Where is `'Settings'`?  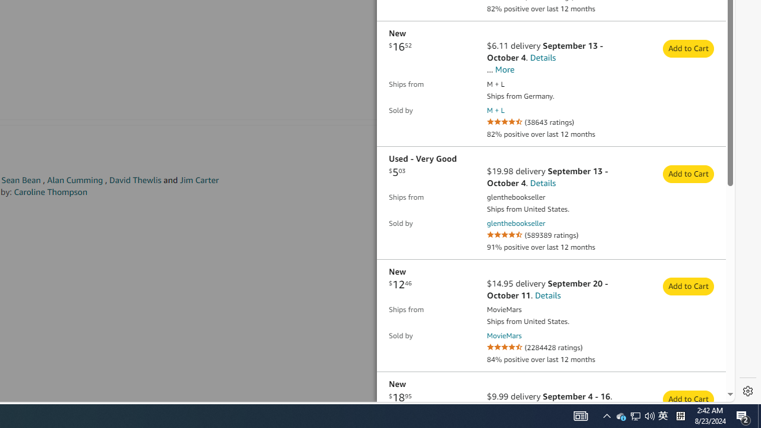 'Settings' is located at coordinates (747, 391).